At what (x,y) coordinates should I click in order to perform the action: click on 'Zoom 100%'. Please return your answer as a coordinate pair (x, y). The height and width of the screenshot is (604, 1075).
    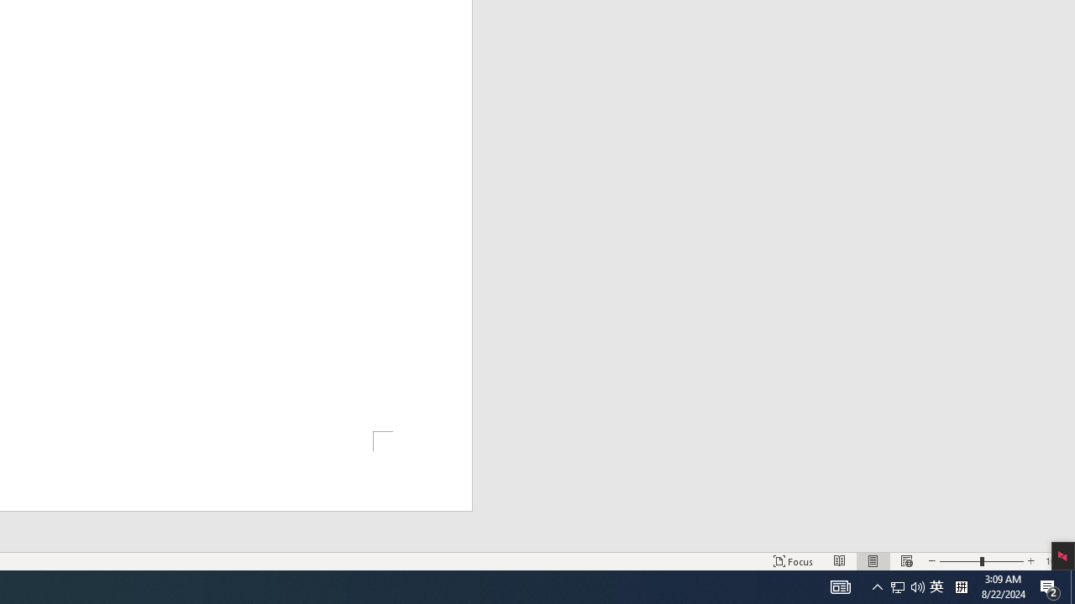
    Looking at the image, I should click on (1056, 561).